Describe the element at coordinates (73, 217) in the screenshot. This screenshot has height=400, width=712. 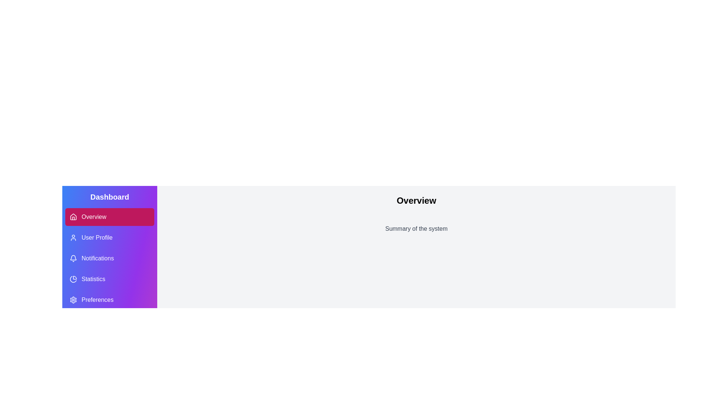
I see `the house-shaped icon located beside the 'Overview' label in the left-hand navigation menu` at that location.